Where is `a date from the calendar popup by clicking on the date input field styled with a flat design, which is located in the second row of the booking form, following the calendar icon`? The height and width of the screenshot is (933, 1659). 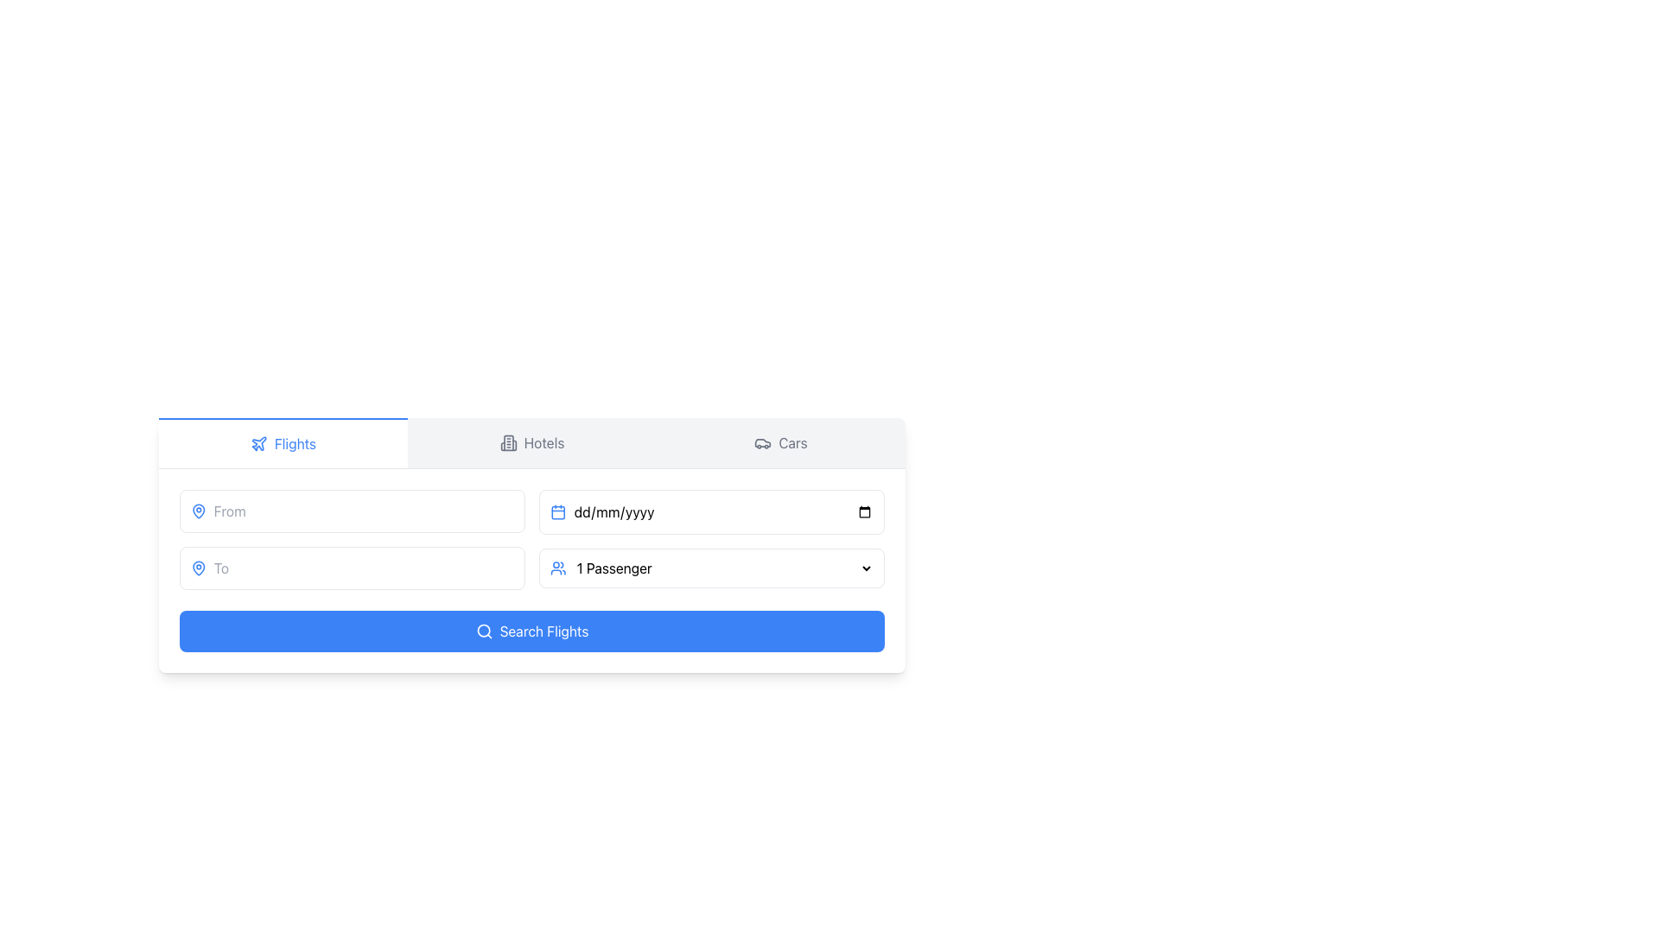
a date from the calendar popup by clicking on the date input field styled with a flat design, which is located in the second row of the booking form, following the calendar icon is located at coordinates (723, 511).